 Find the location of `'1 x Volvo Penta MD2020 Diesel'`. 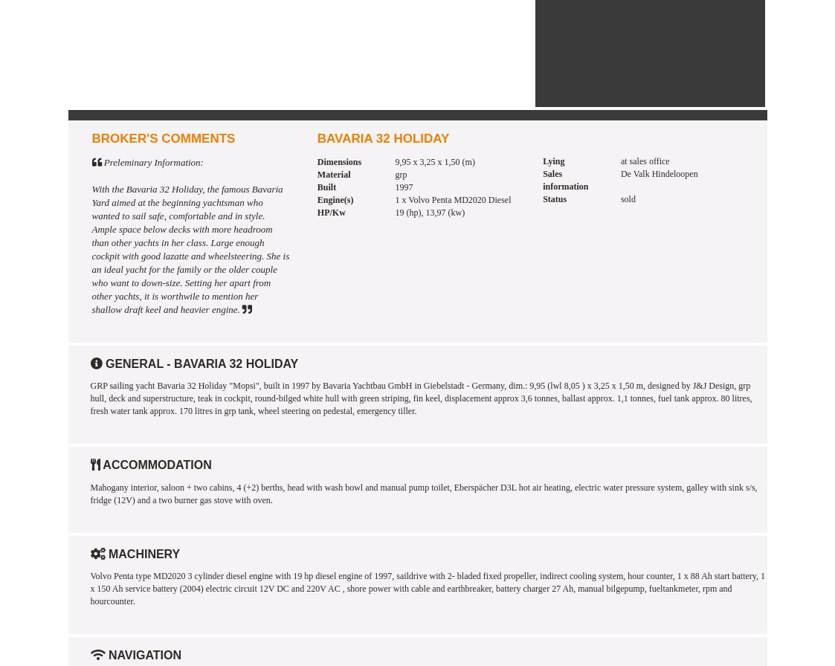

'1 x Volvo Penta MD2020 Diesel' is located at coordinates (453, 199).